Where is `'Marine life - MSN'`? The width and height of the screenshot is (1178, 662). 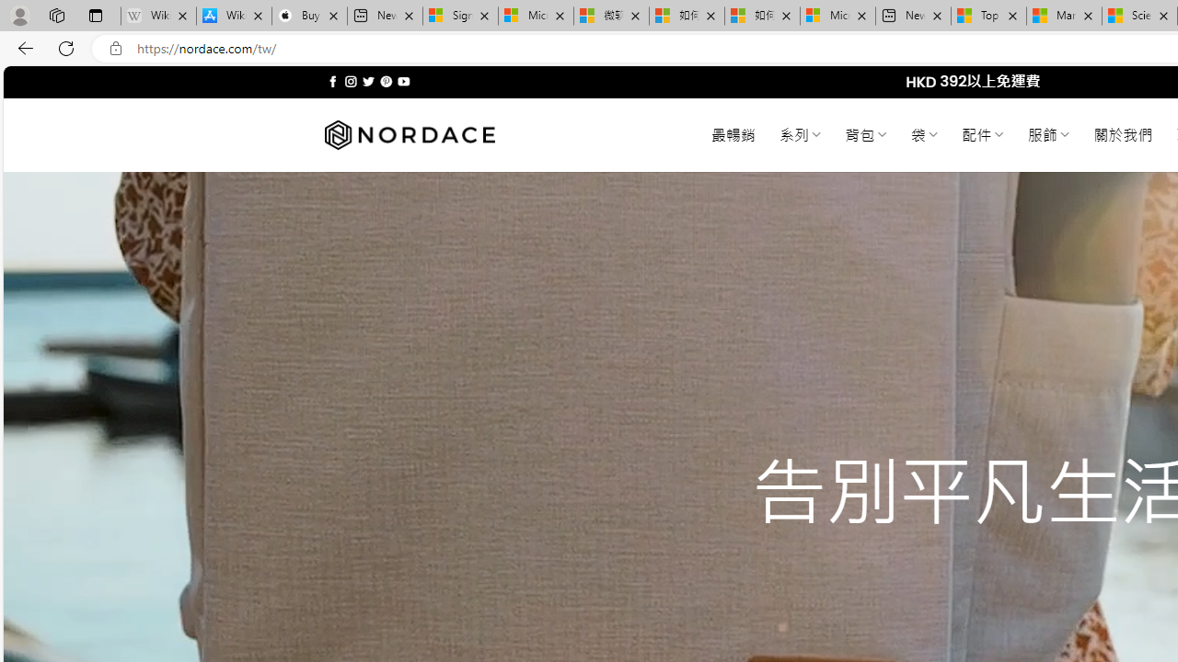
'Marine life - MSN' is located at coordinates (1064, 16).